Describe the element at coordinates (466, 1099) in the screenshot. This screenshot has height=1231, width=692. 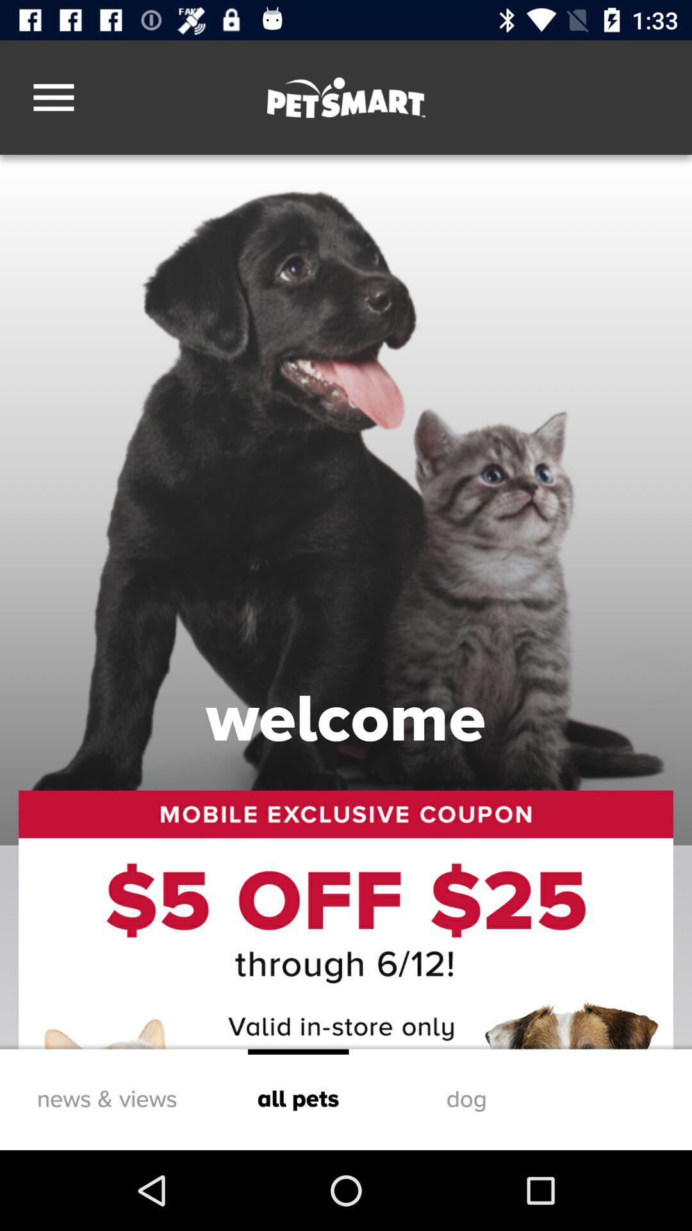
I see `dog item` at that location.